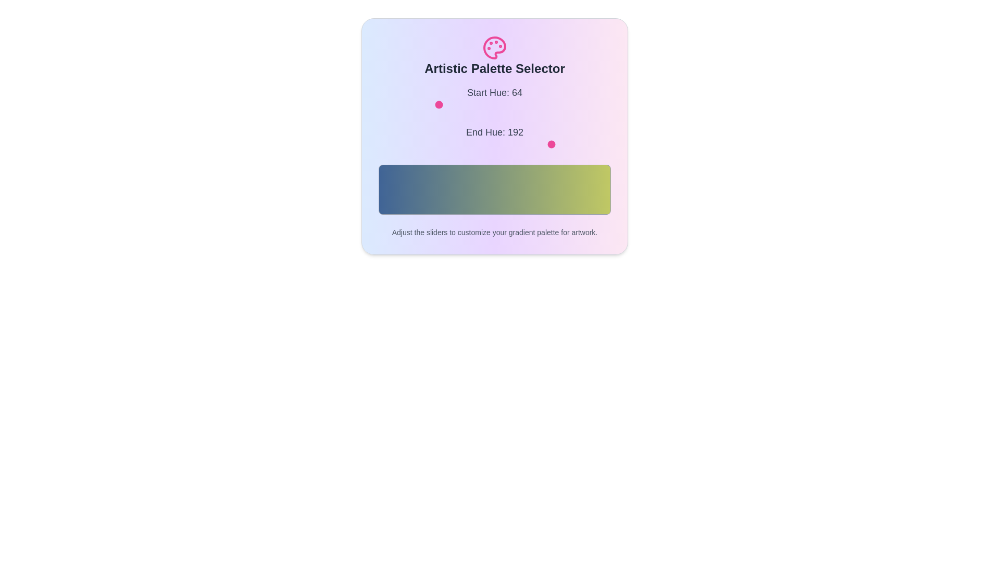 This screenshot has height=563, width=1000. Describe the element at coordinates (501, 144) in the screenshot. I see `the 'End Hue' slider to 134` at that location.